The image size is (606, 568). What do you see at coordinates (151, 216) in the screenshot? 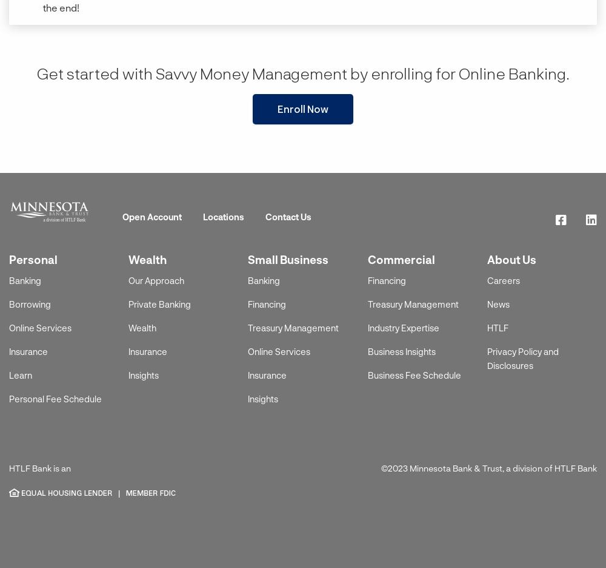
I see `'Open Account'` at bounding box center [151, 216].